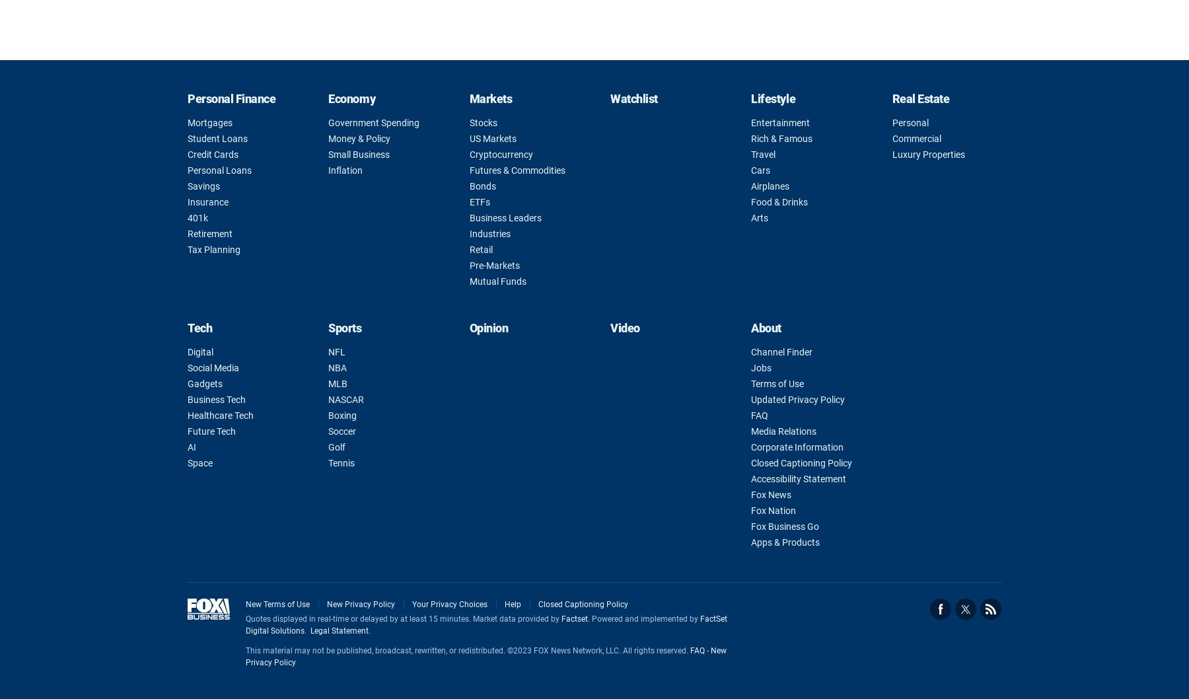 The image size is (1189, 699). I want to click on 'US Markets', so click(491, 139).